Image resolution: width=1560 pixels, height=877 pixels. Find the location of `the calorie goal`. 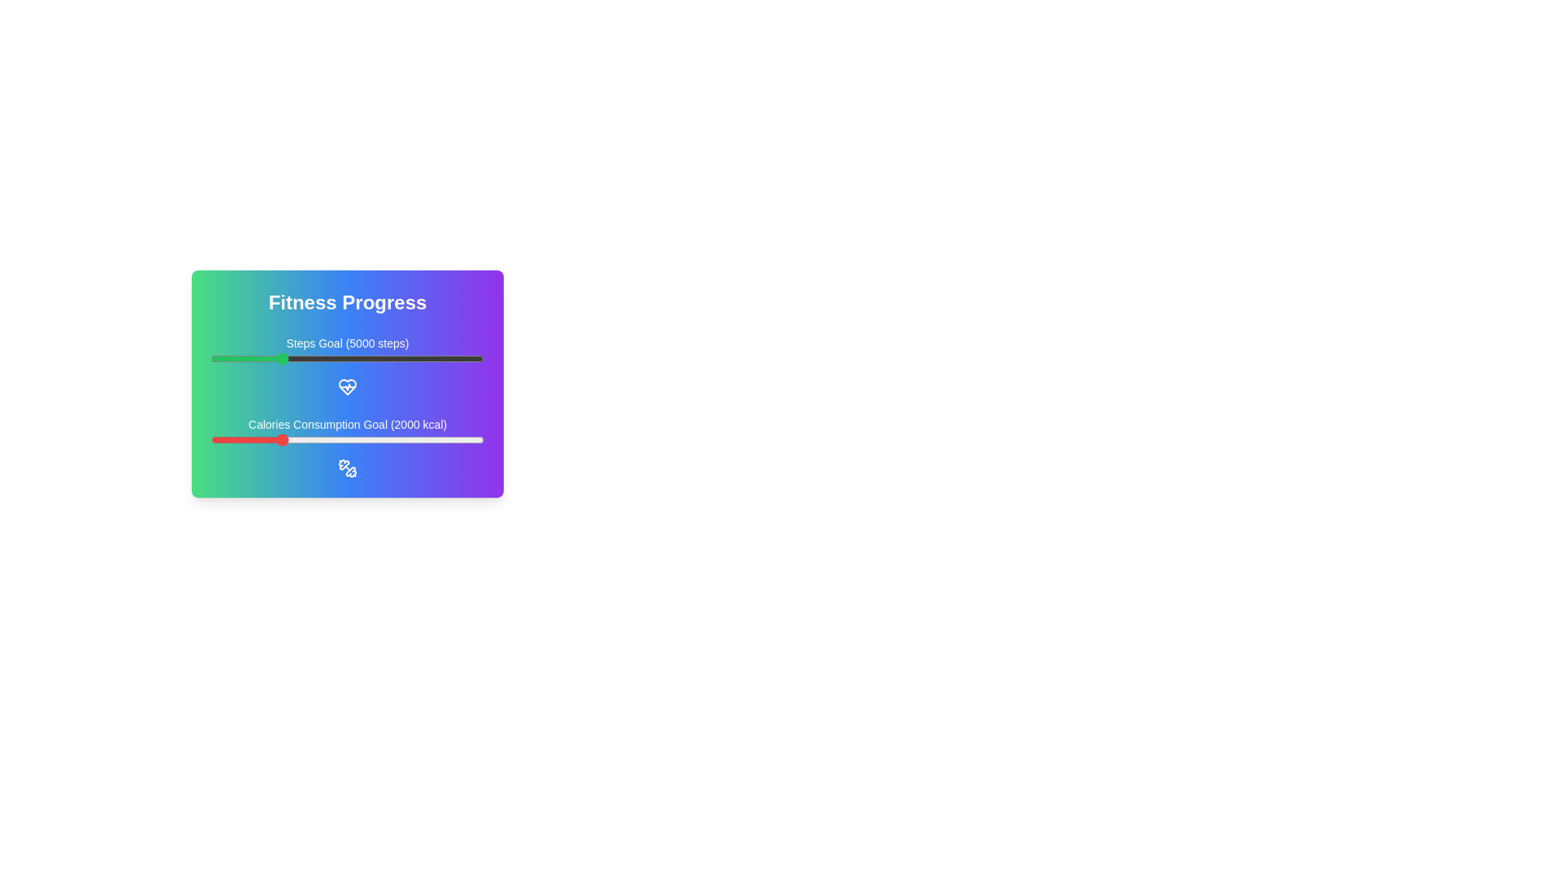

the calorie goal is located at coordinates (244, 440).